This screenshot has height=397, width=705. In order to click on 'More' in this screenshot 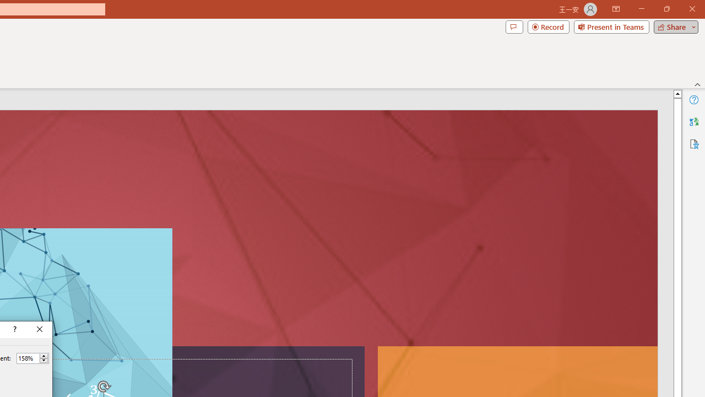, I will do `click(44, 356)`.